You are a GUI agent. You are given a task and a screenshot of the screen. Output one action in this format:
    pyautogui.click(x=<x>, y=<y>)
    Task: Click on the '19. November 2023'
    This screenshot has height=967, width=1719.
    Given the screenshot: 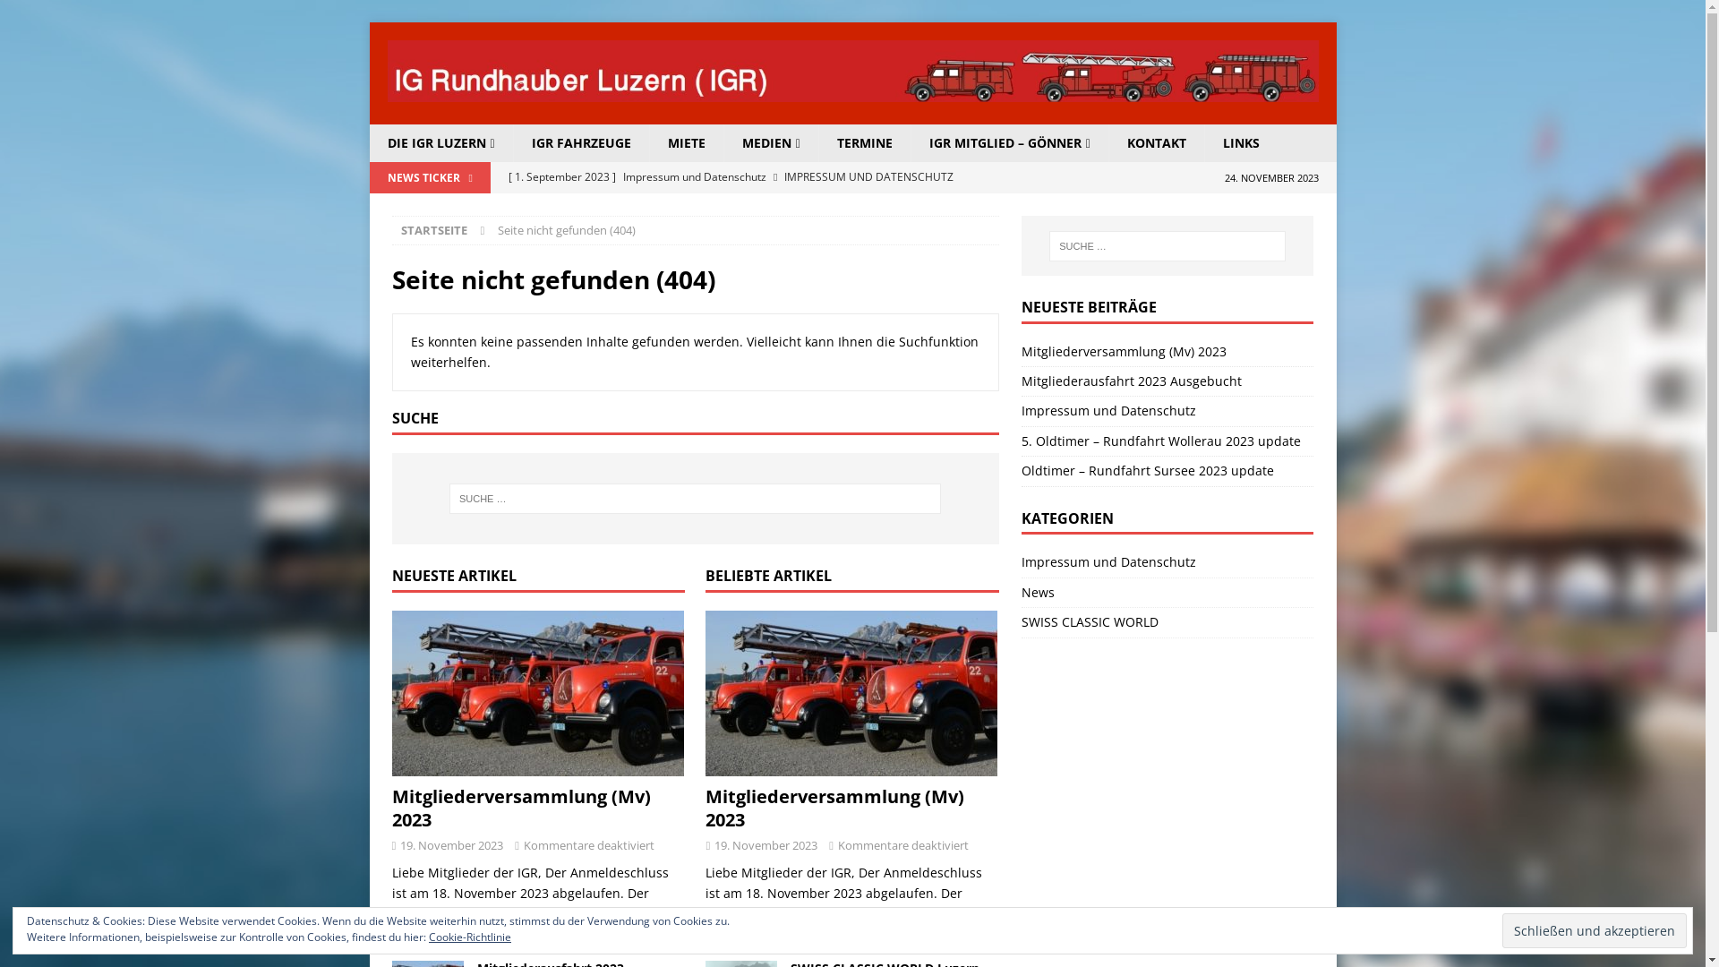 What is the action you would take?
    pyautogui.click(x=765, y=845)
    